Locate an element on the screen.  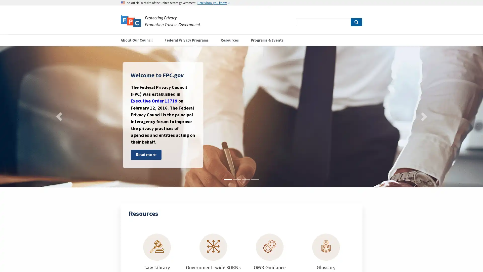
Federal Privacy Programs is located at coordinates (188, 40).